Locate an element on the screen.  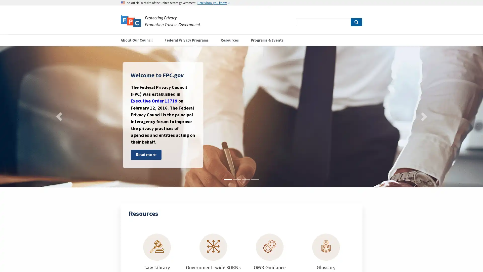
Federal Privacy Programs is located at coordinates (188, 40).